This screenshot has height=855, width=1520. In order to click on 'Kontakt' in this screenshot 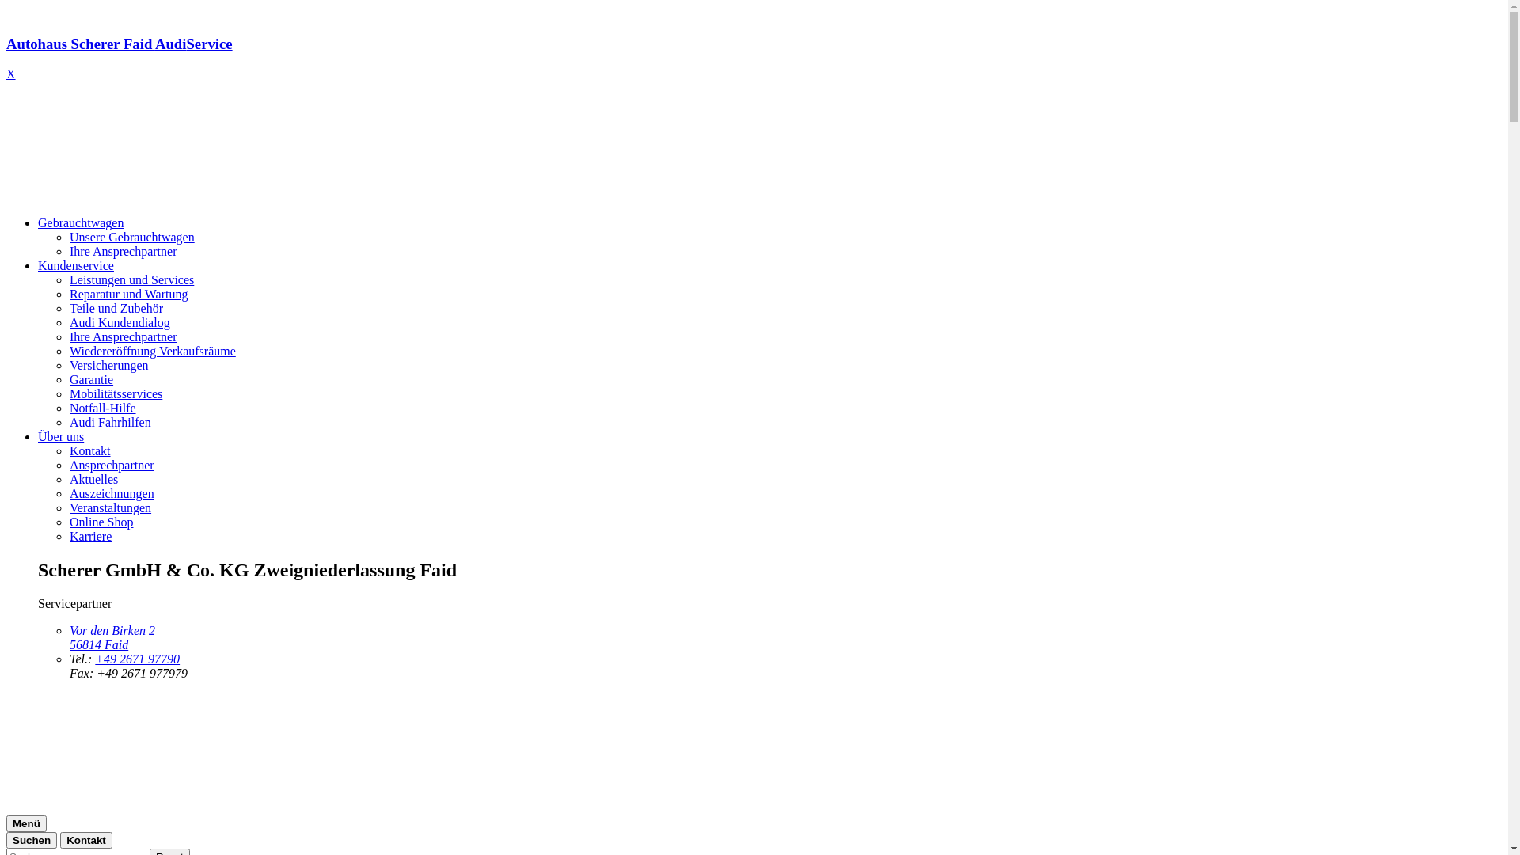, I will do `click(85, 839)`.